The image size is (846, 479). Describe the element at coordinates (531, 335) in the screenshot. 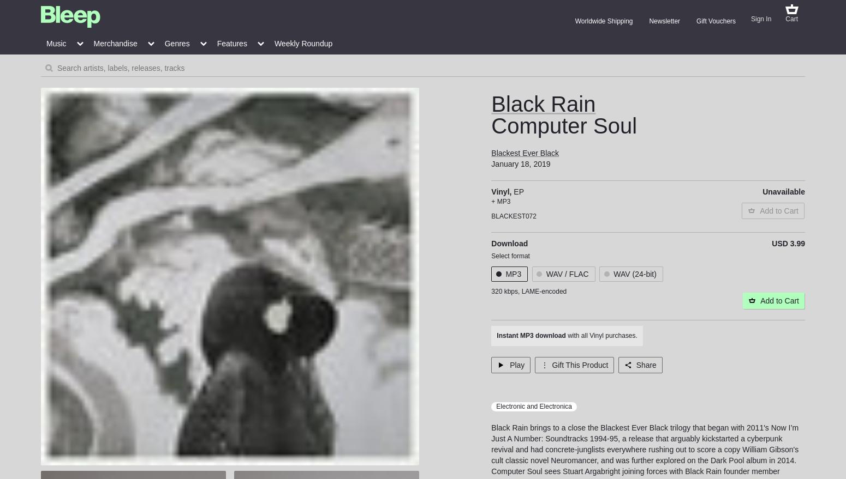

I see `'Instant MP3 download'` at that location.